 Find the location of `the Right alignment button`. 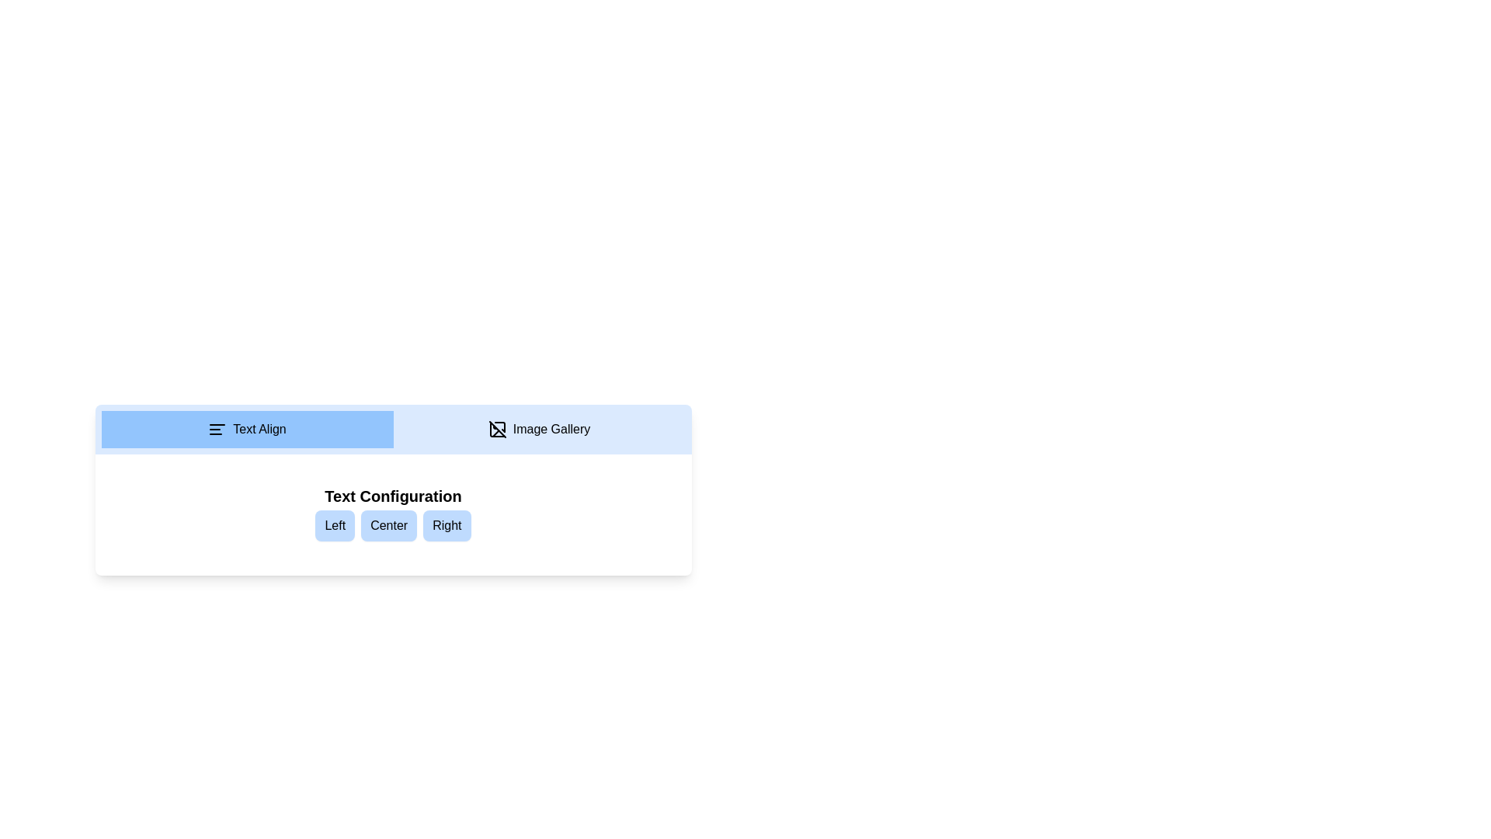

the Right alignment button is located at coordinates (446, 525).